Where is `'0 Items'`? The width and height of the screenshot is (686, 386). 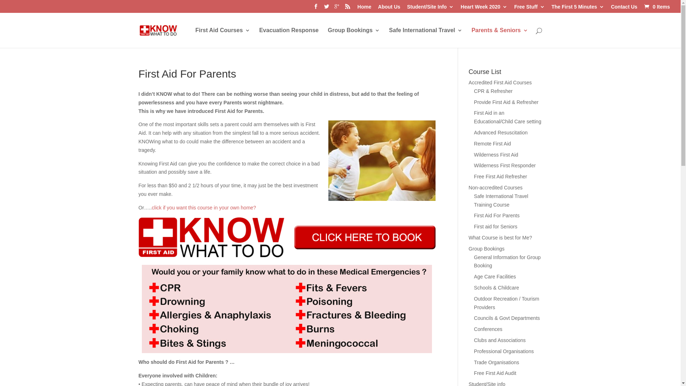
'0 Items' is located at coordinates (656, 6).